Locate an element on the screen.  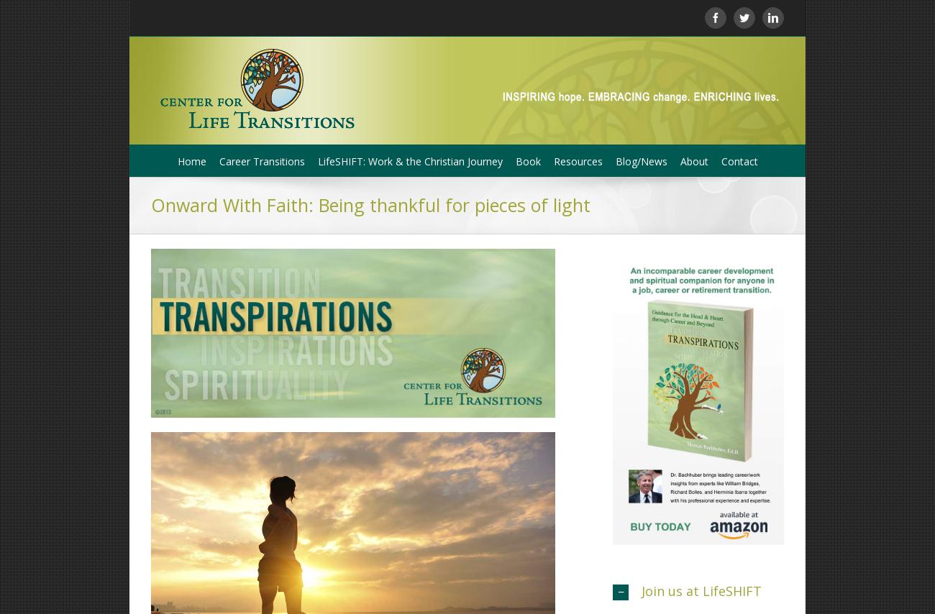
'Home' is located at coordinates (190, 161).